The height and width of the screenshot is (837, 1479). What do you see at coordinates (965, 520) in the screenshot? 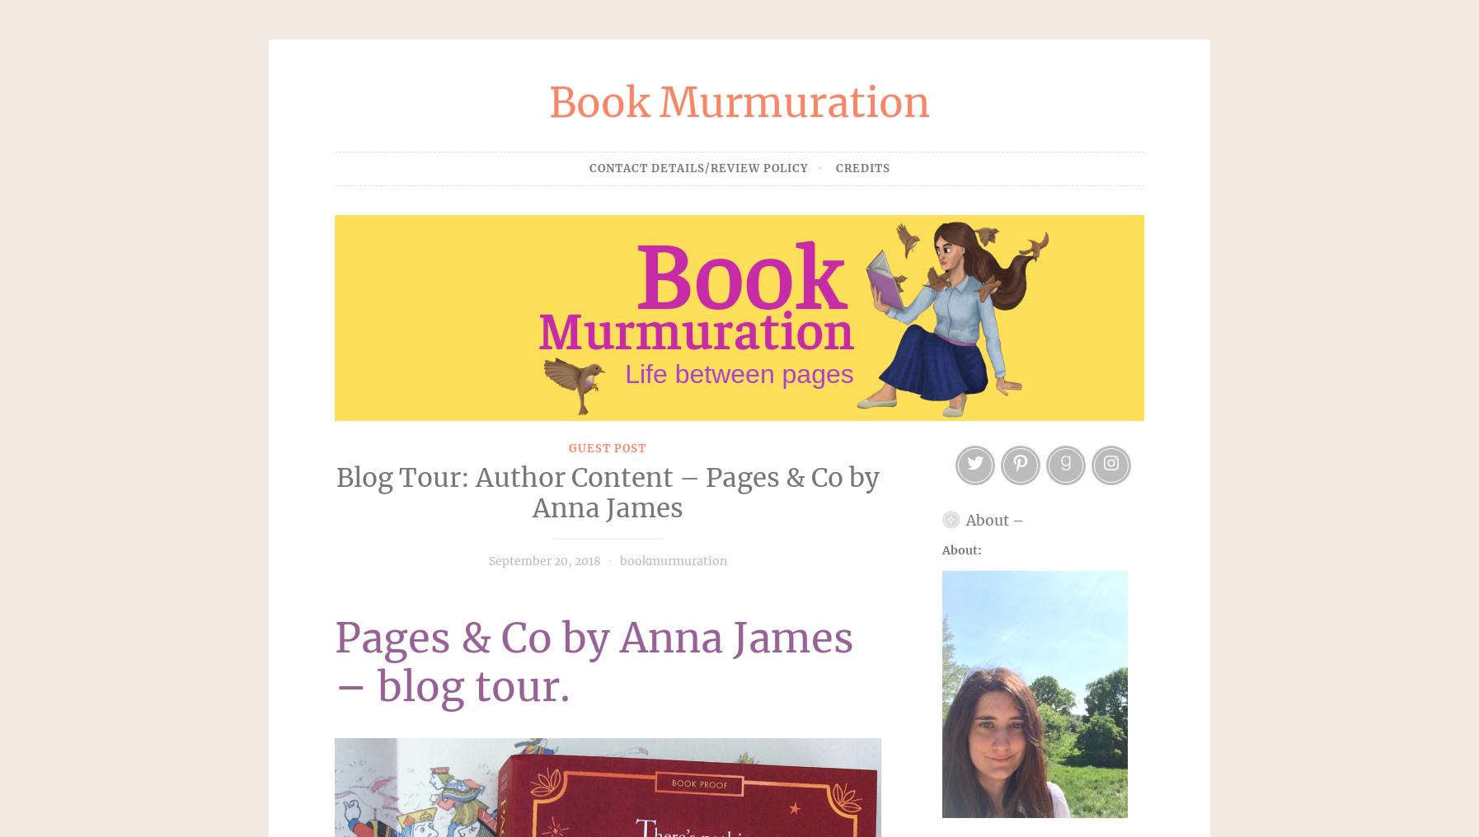
I see `'About –'` at bounding box center [965, 520].